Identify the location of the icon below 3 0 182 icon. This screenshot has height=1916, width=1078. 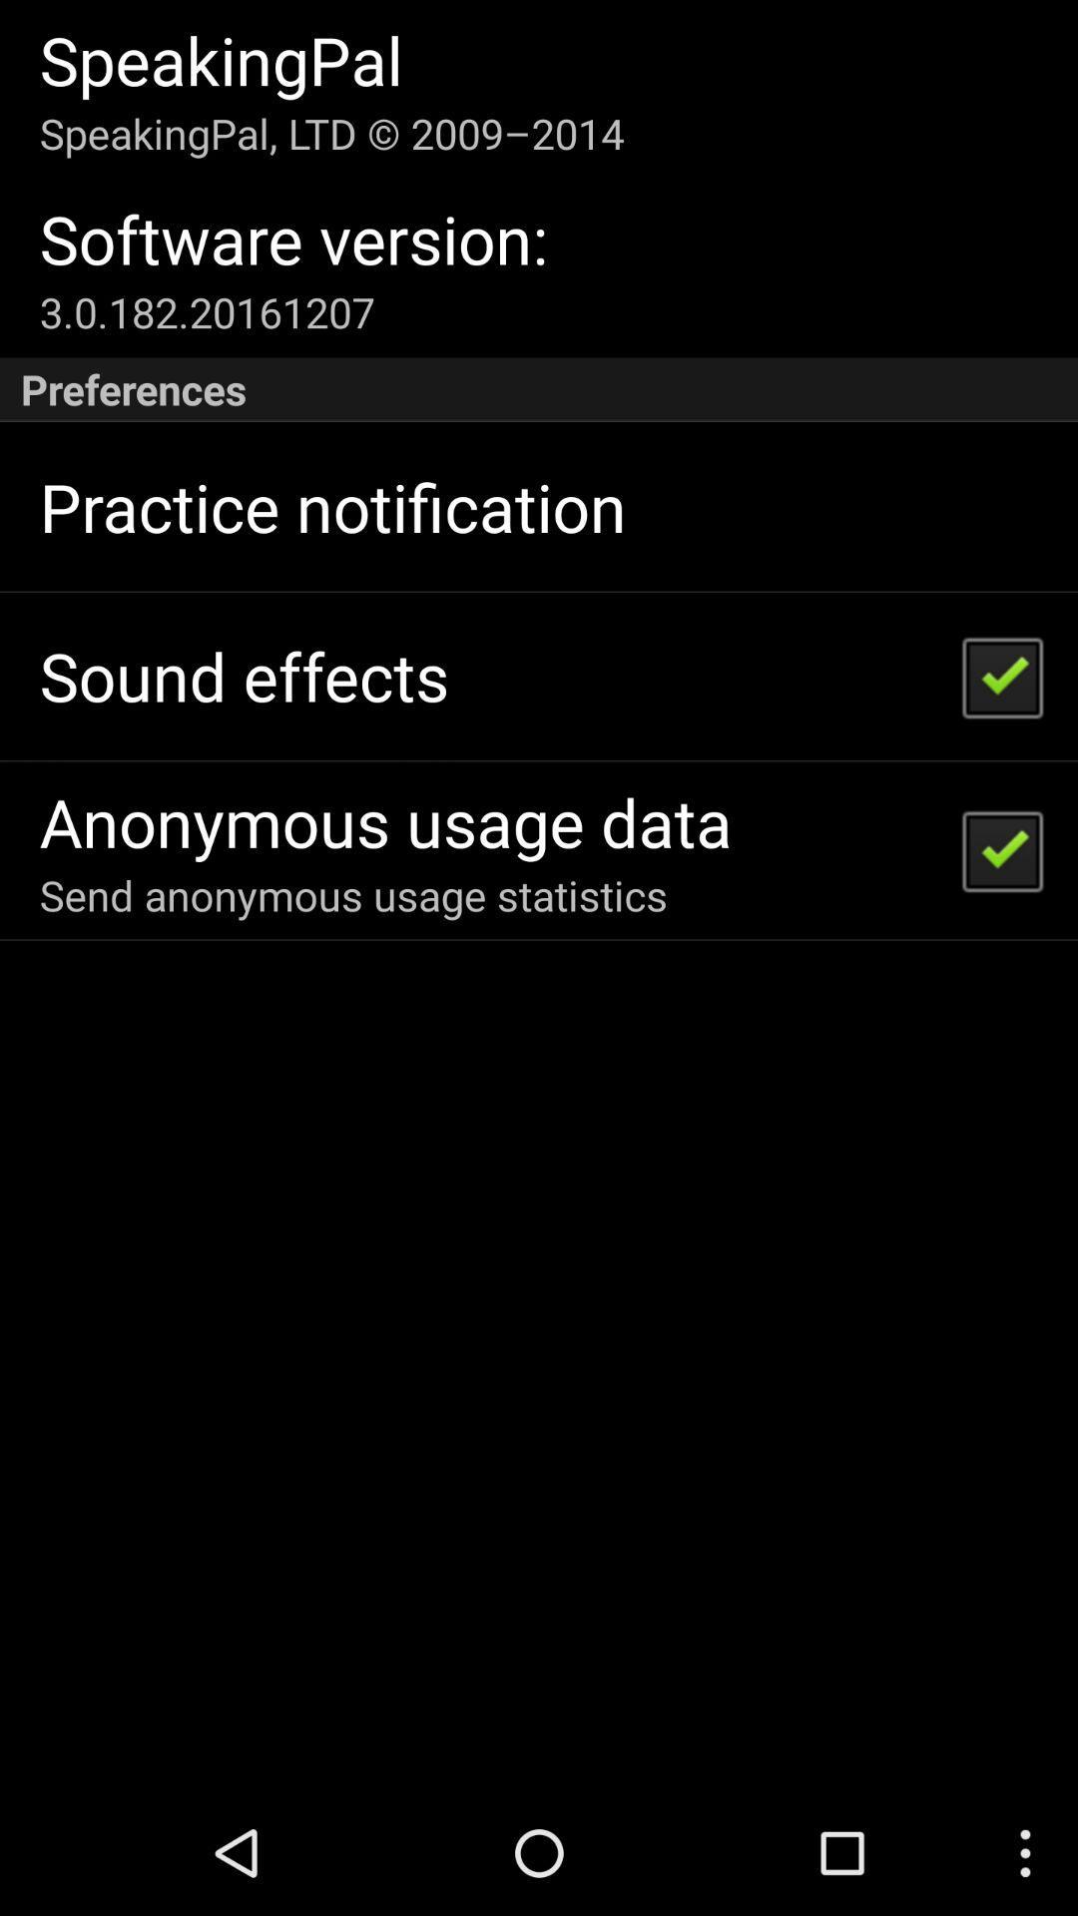
(539, 389).